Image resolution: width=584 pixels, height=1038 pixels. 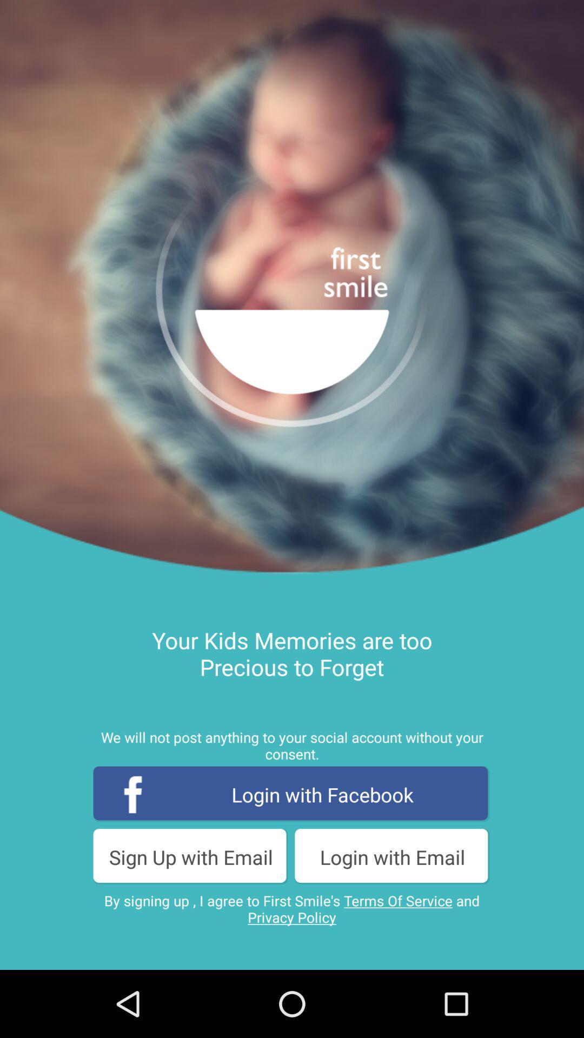 What do you see at coordinates (190, 856) in the screenshot?
I see `sign up with at the bottom left corner` at bounding box center [190, 856].